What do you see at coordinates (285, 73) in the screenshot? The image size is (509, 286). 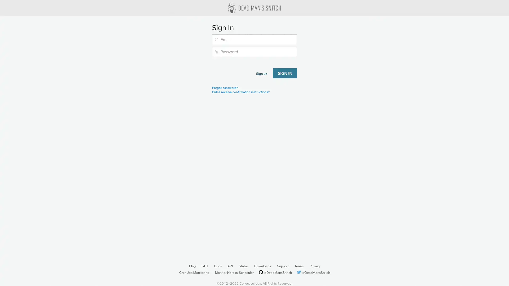 I see `Sign in` at bounding box center [285, 73].